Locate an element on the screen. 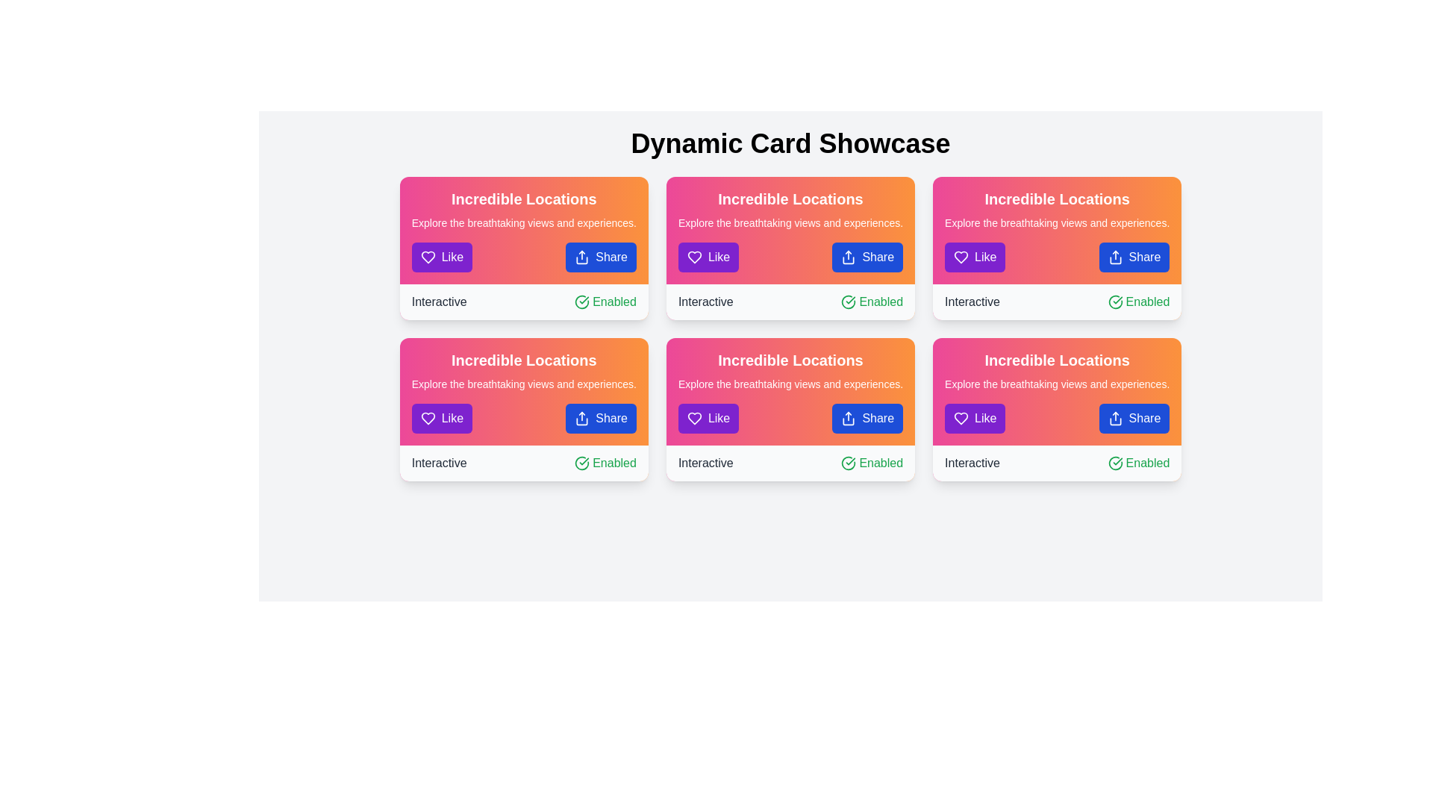 The image size is (1433, 806). the heading 'Incredible Locations', which is styled with a bold, large font and positioned at the top of the second card in the top row of a grid layout is located at coordinates (1056, 198).